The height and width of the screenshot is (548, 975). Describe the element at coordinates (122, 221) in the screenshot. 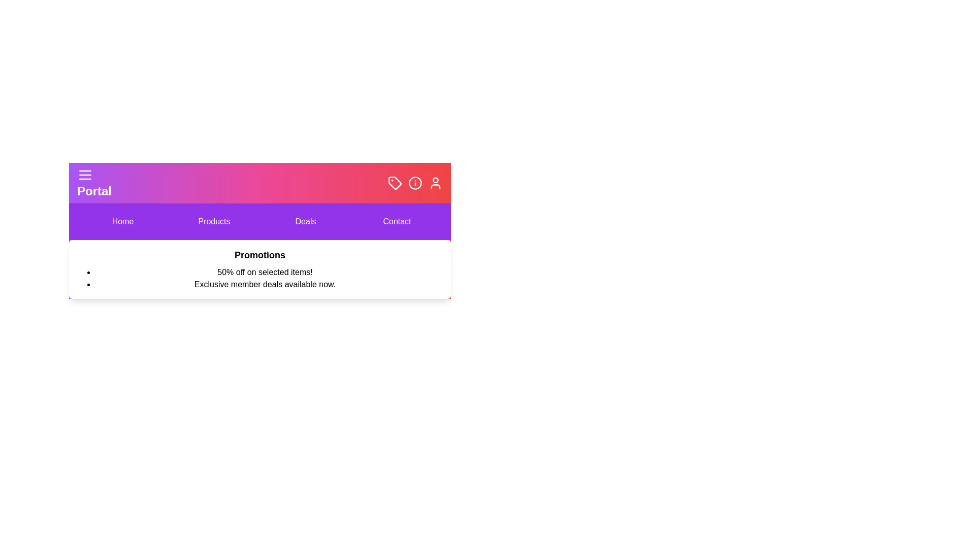

I see `the navigation item Home from the menu` at that location.